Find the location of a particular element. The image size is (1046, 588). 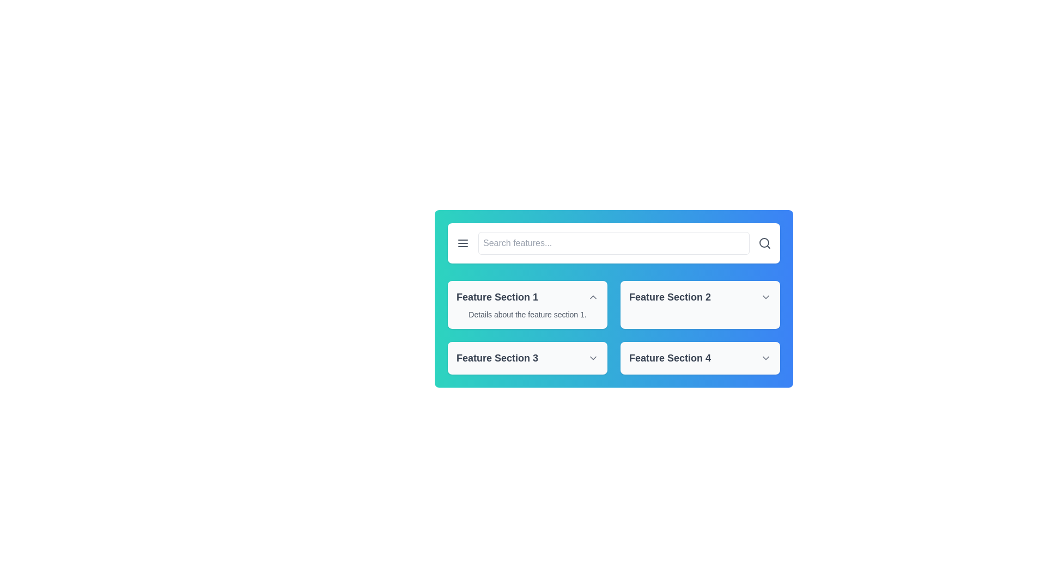

the Dropdown header labeled 'Feature Section 4' is located at coordinates (700, 358).